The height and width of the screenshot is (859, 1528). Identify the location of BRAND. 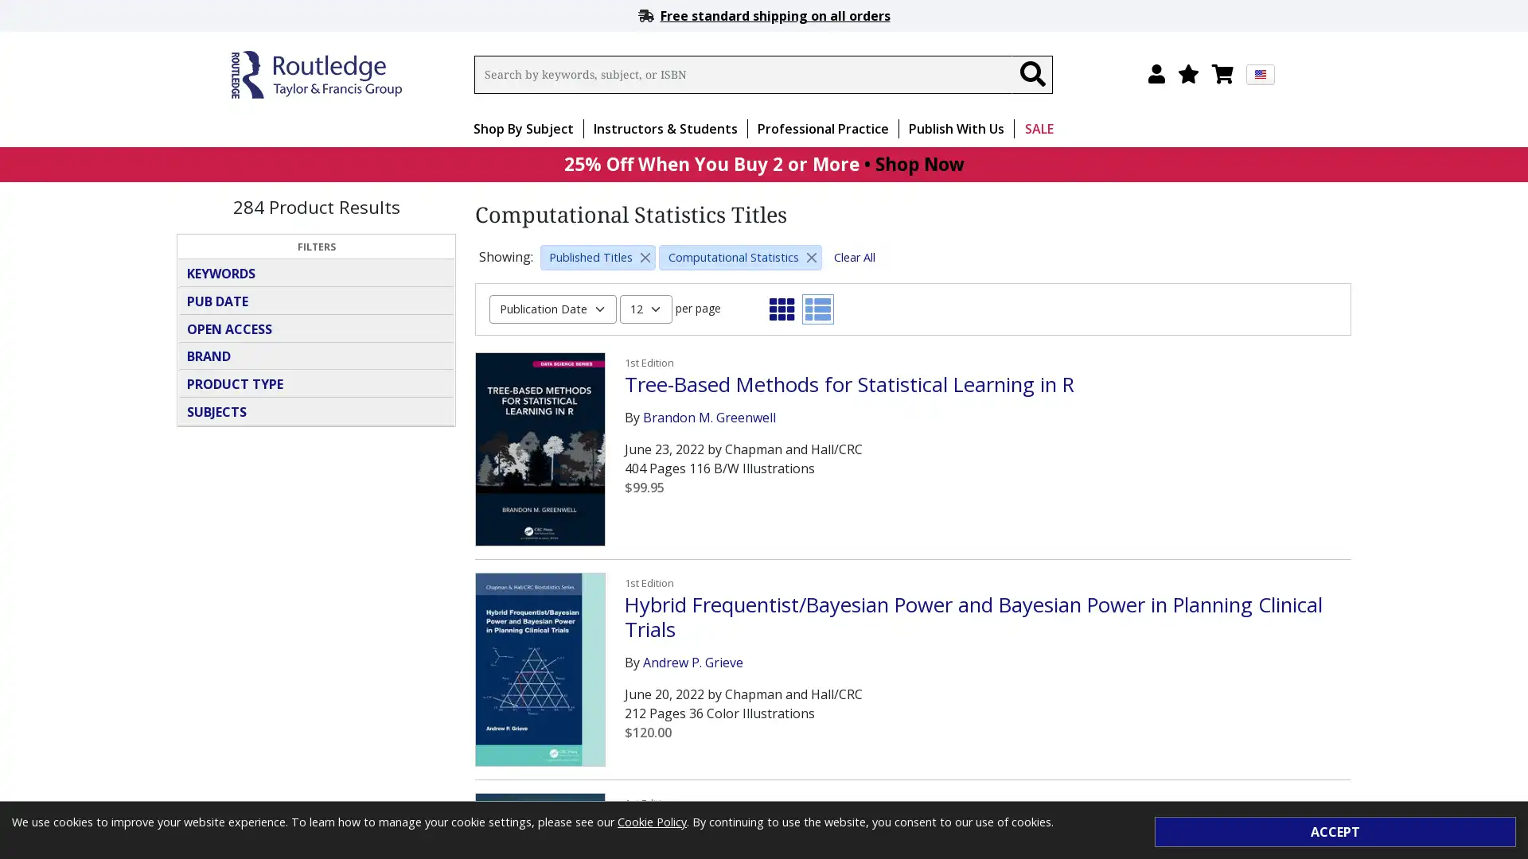
(316, 355).